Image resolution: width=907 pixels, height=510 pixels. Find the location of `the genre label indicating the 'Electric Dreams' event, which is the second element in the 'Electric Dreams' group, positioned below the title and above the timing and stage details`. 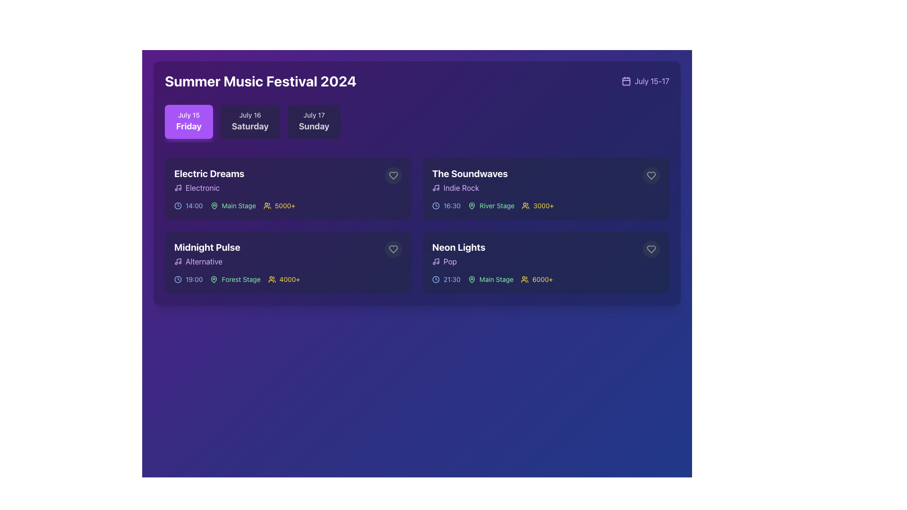

the genre label indicating the 'Electric Dreams' event, which is the second element in the 'Electric Dreams' group, positioned below the title and above the timing and stage details is located at coordinates (209, 187).